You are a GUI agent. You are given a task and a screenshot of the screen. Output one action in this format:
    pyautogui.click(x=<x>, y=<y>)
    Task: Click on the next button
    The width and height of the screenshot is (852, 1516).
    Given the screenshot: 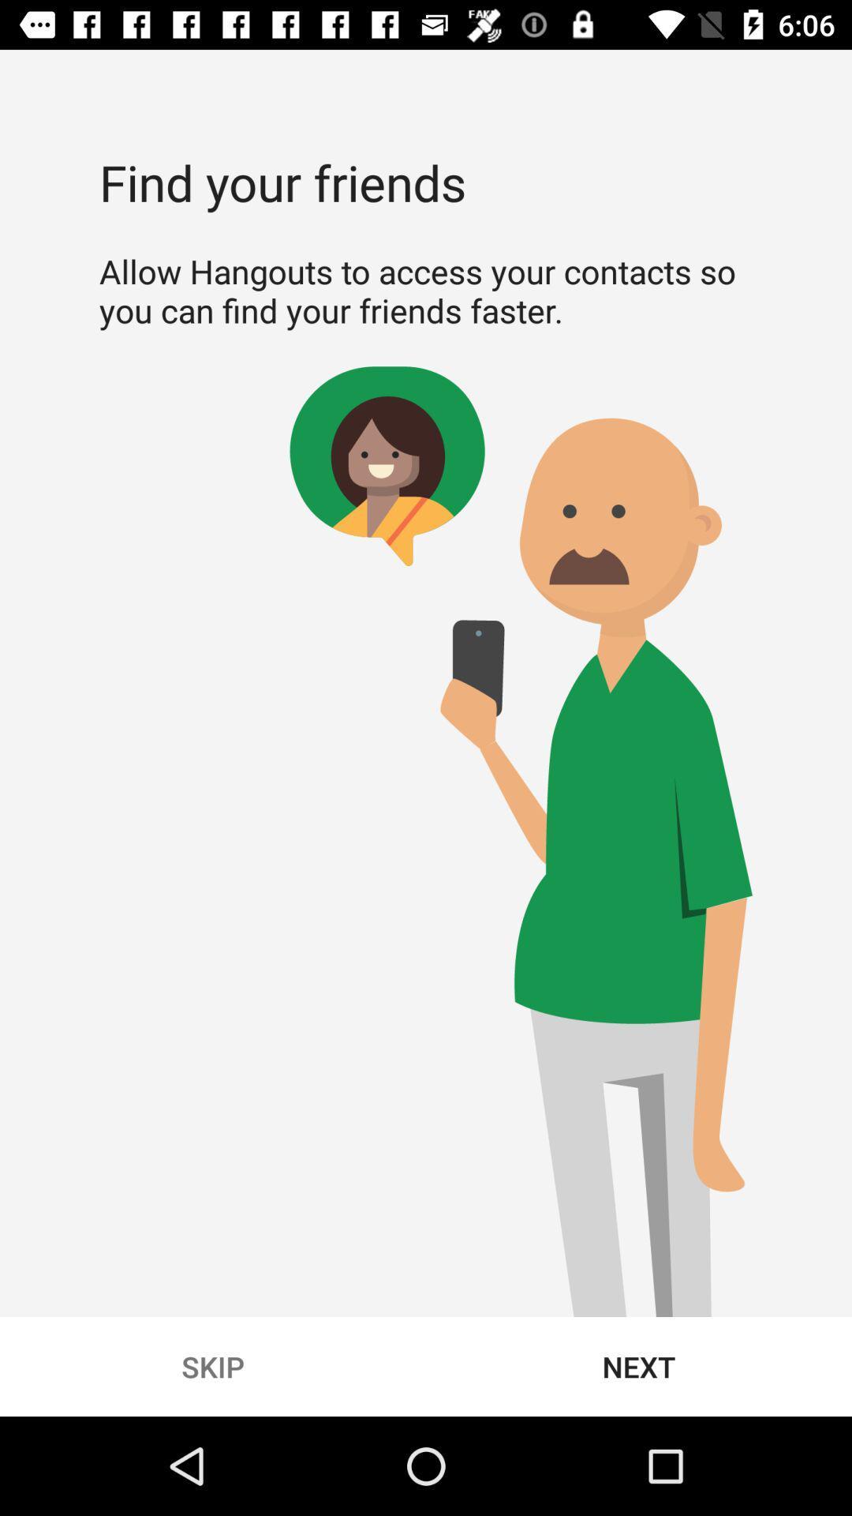 What is the action you would take?
    pyautogui.click(x=639, y=1366)
    